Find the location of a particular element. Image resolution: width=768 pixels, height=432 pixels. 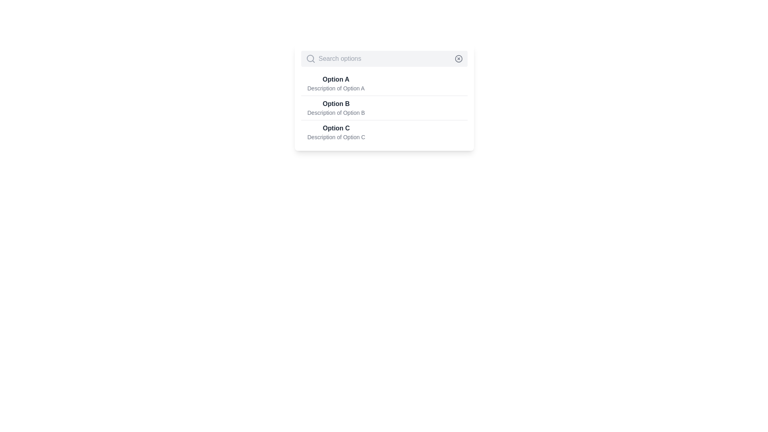

the SVG circle element, which is part of the magnifying glass icon located at the upper-left part of the search bar interface is located at coordinates (310, 58).